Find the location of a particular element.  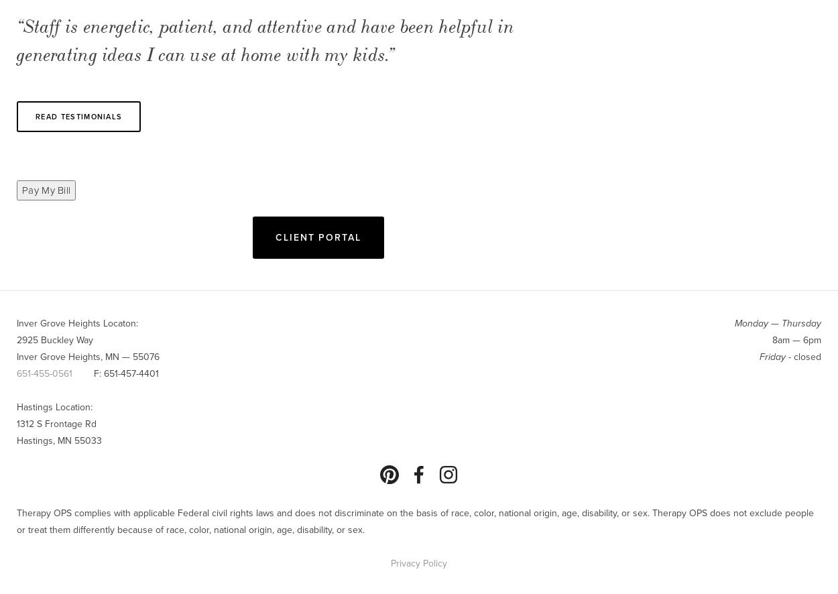

'Privacy Policy' is located at coordinates (390, 562).